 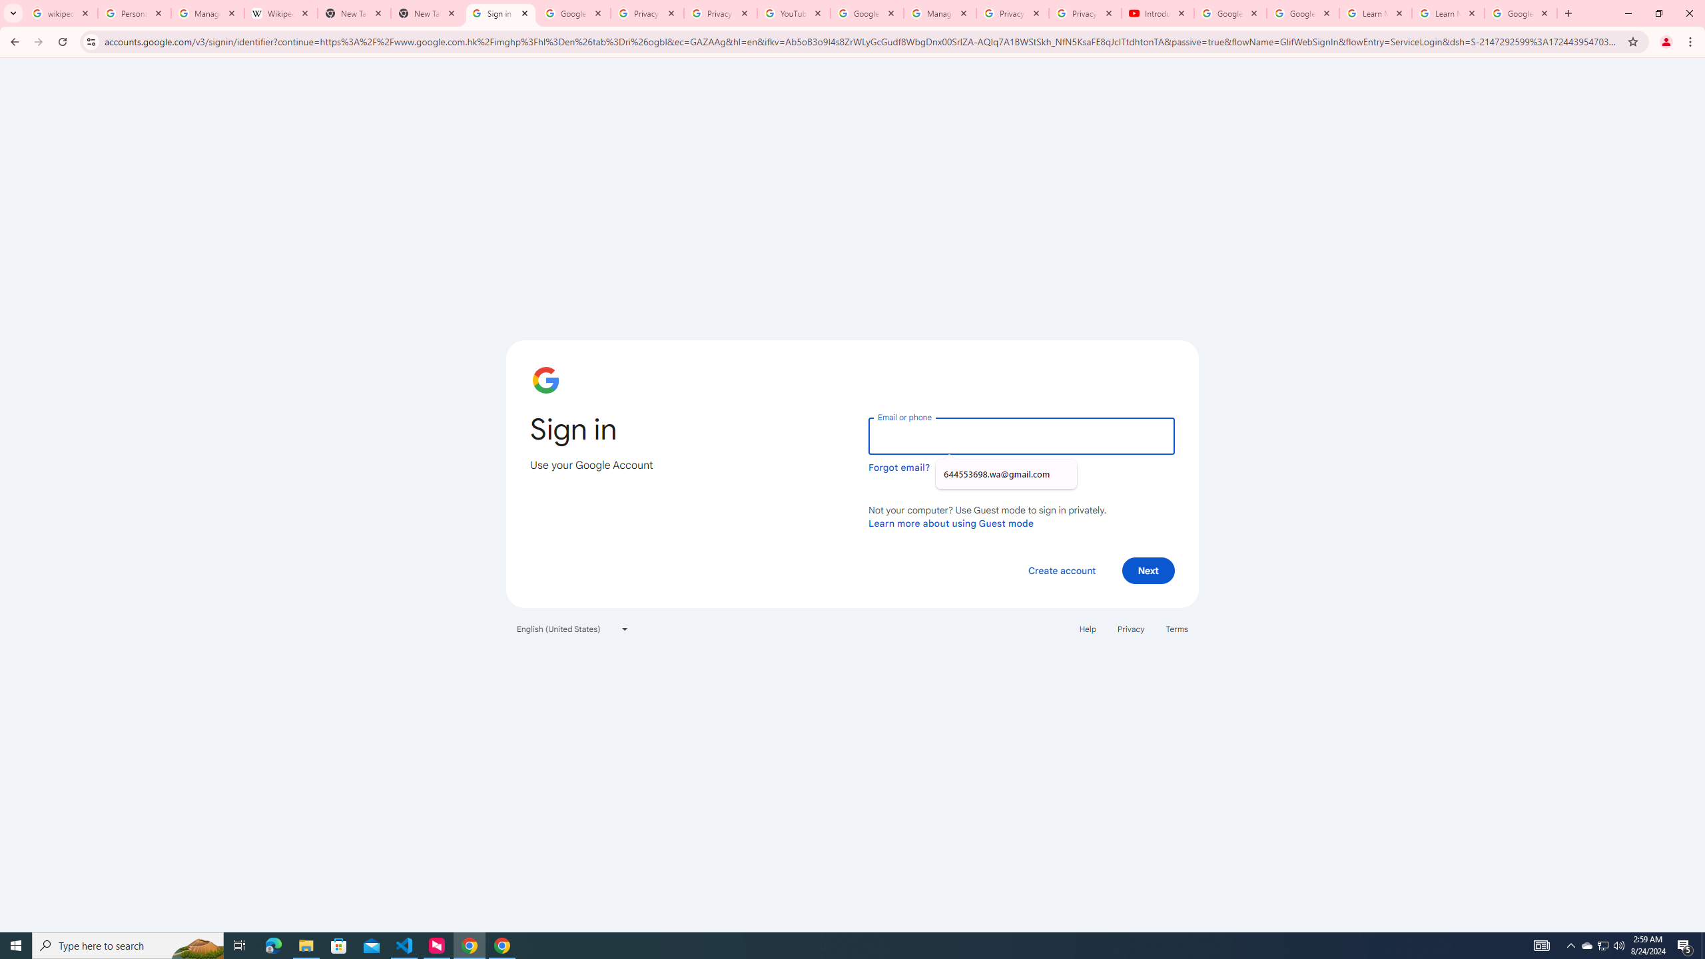 I want to click on 'Introduction | Google Privacy Policy - YouTube', so click(x=1157, y=13).